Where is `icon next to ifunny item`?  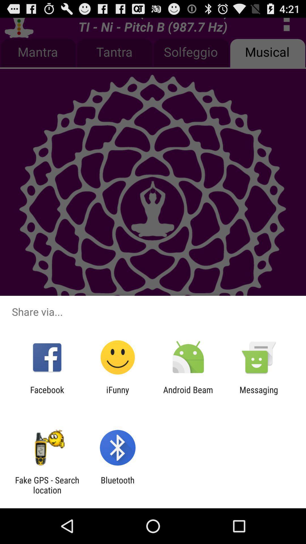 icon next to ifunny item is located at coordinates (47, 394).